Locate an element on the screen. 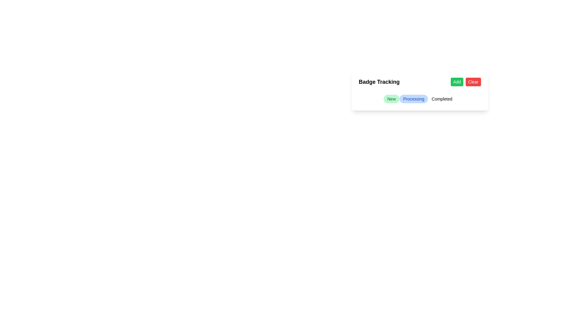 Image resolution: width=586 pixels, height=329 pixels. the highlighted 'Processing' badge within the status badges collection in the 'Badge Tracking' panel is located at coordinates (419, 97).